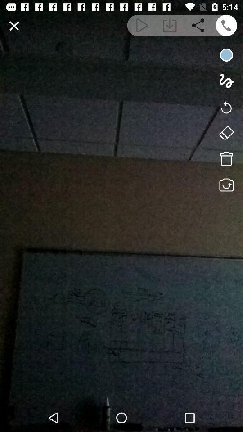 This screenshot has height=432, width=243. I want to click on playback video, so click(141, 25).